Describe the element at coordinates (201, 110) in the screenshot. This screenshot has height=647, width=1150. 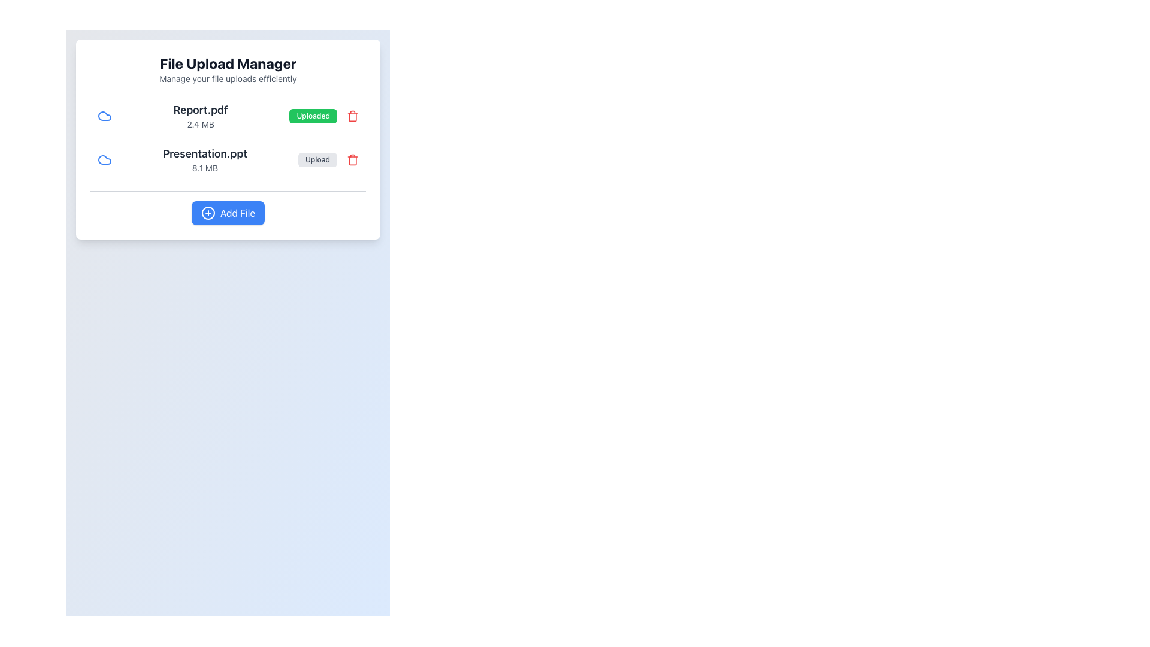
I see `the text label that serves as the title or name of a file listed in the file manager interface, which is the first line of text in a two-line information block` at that location.